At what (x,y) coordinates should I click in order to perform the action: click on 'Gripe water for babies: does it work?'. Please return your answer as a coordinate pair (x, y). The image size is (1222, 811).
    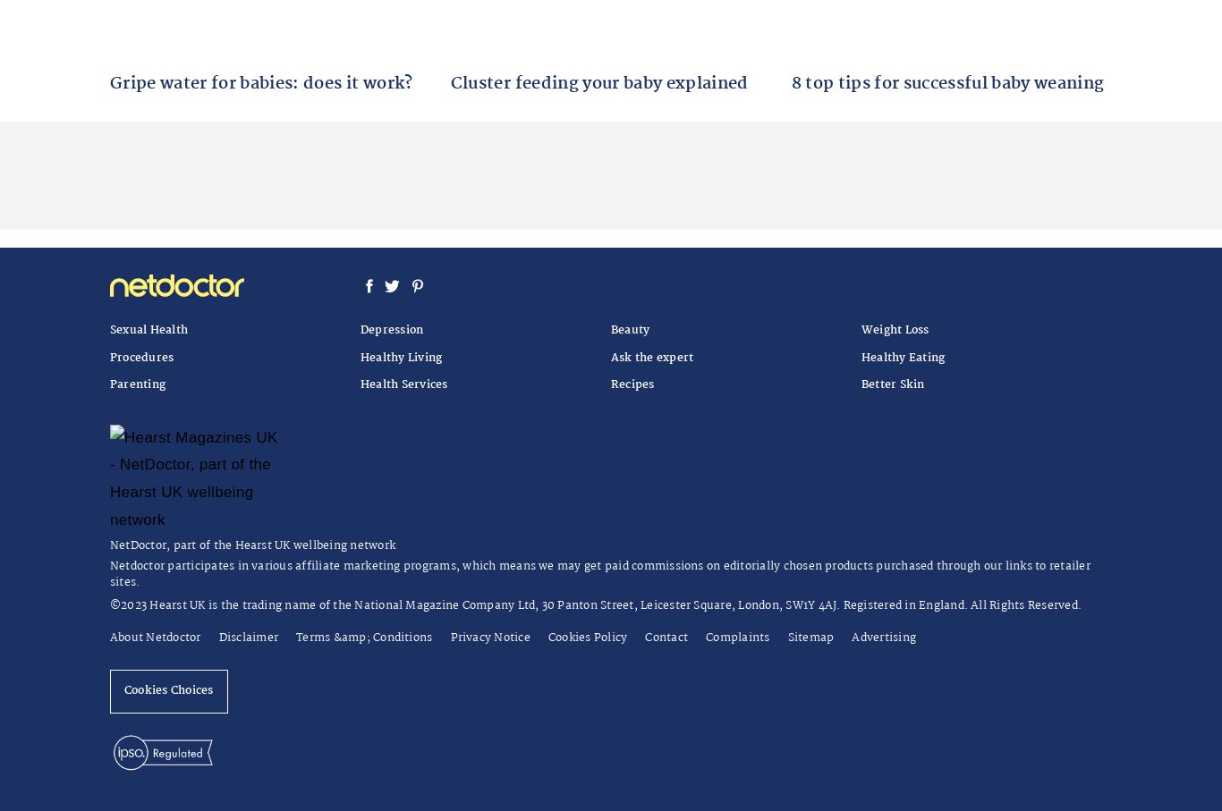
    Looking at the image, I should click on (261, 81).